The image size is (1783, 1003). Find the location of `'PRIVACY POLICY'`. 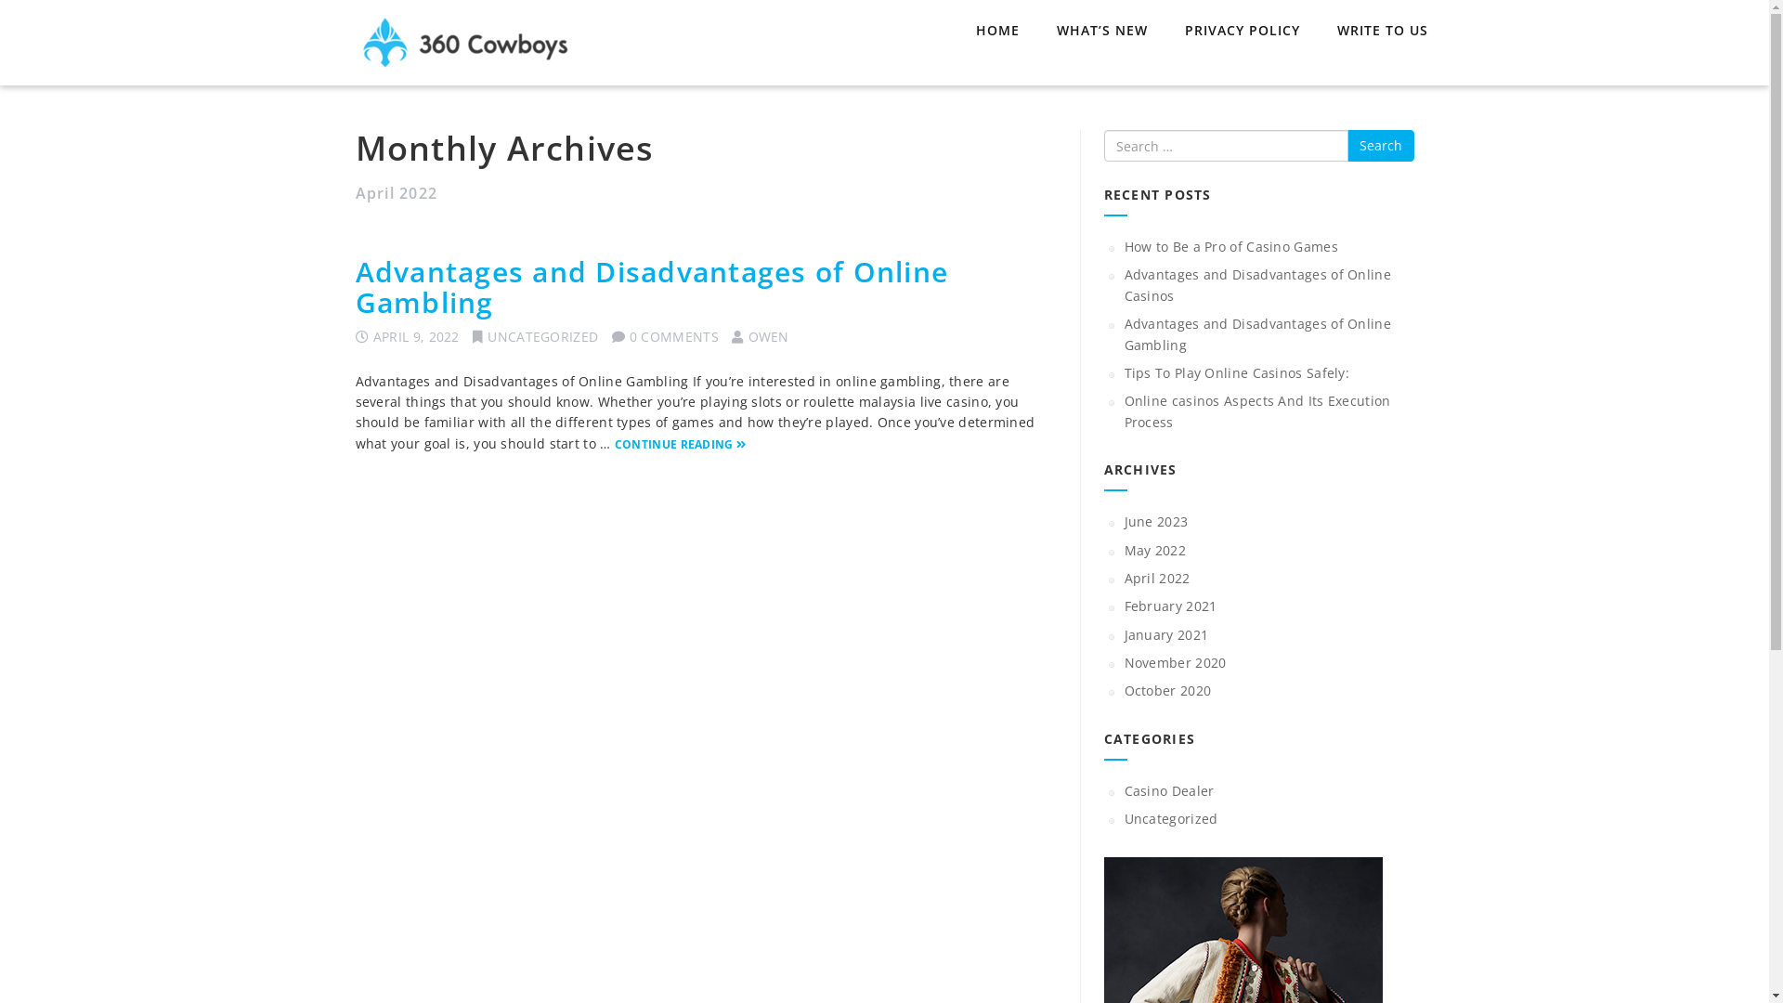

'PRIVACY POLICY' is located at coordinates (1184, 32).